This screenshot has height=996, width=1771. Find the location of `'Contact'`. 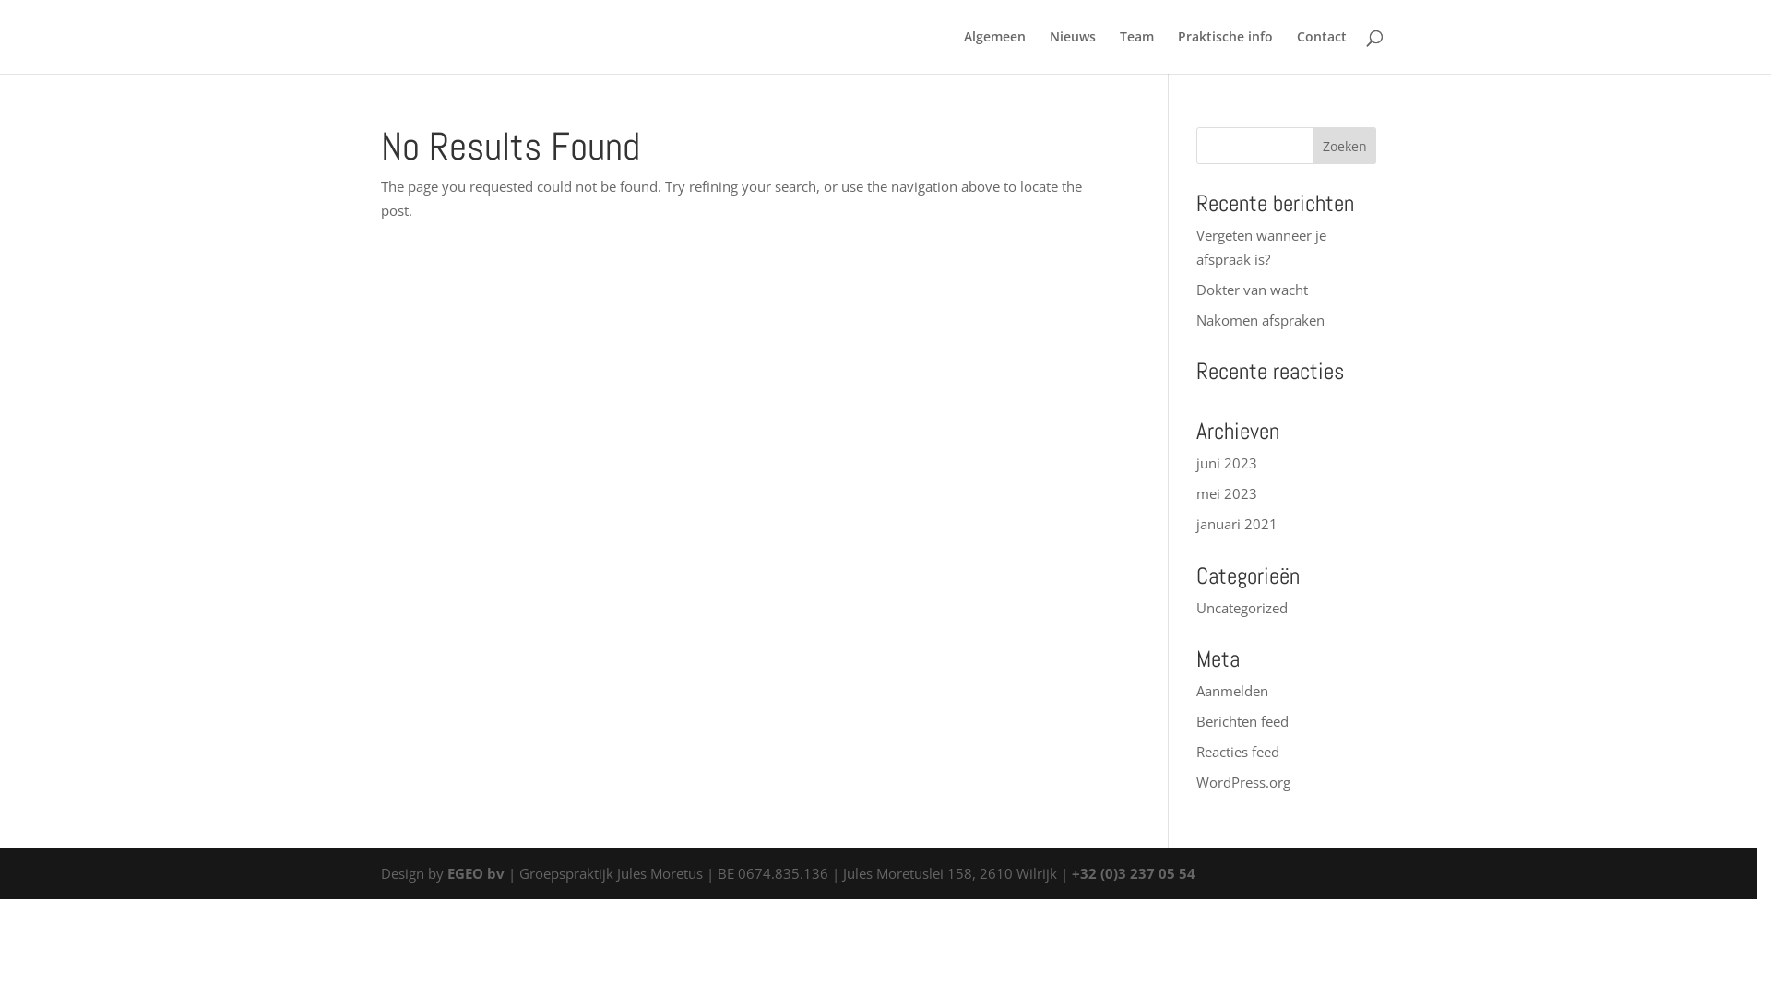

'Contact' is located at coordinates (1321, 51).